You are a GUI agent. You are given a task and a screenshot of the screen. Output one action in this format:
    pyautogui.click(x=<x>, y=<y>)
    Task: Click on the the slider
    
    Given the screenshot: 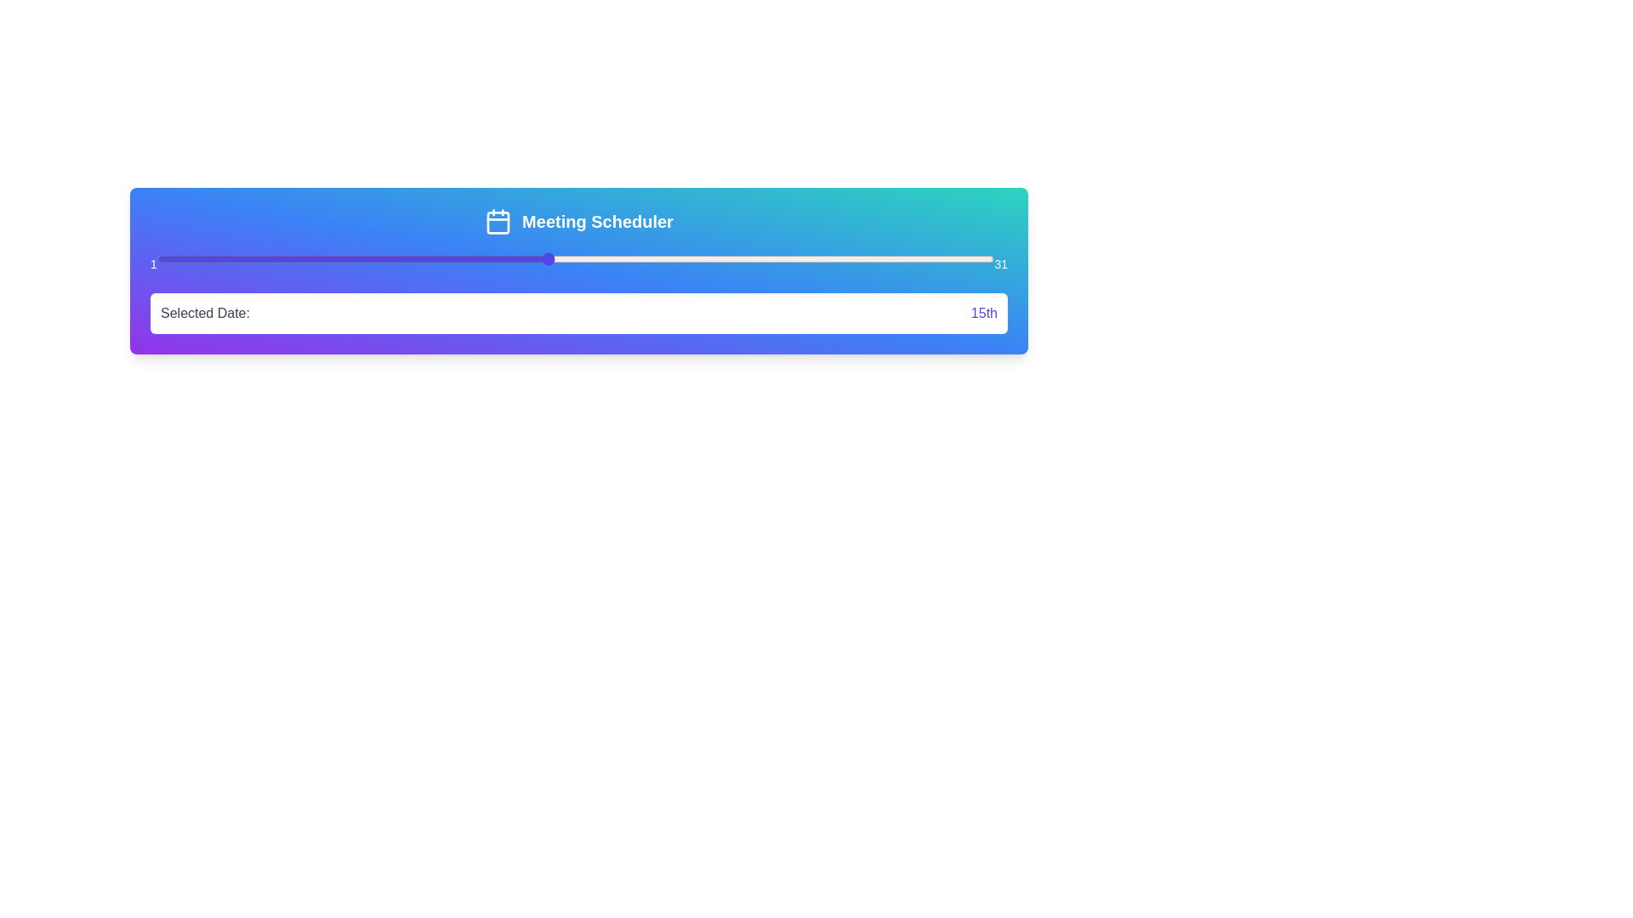 What is the action you would take?
    pyautogui.click(x=324, y=258)
    